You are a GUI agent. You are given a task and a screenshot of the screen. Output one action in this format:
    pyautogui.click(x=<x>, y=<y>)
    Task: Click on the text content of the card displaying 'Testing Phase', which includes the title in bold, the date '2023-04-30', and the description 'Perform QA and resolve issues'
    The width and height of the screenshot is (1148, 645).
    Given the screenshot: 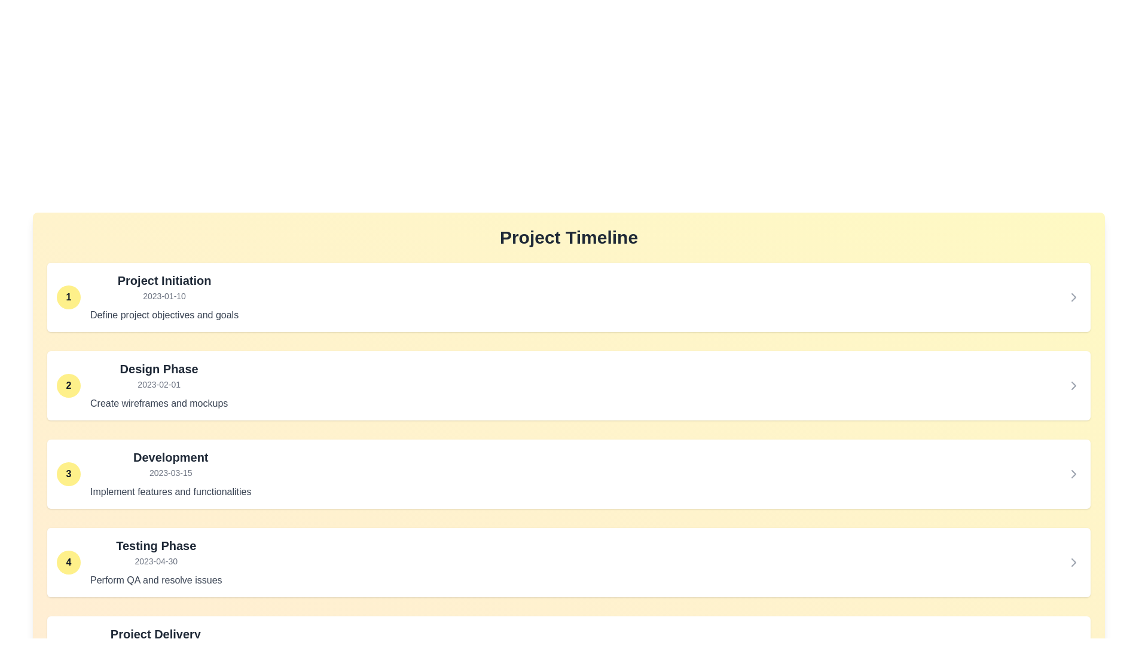 What is the action you would take?
    pyautogui.click(x=155, y=562)
    